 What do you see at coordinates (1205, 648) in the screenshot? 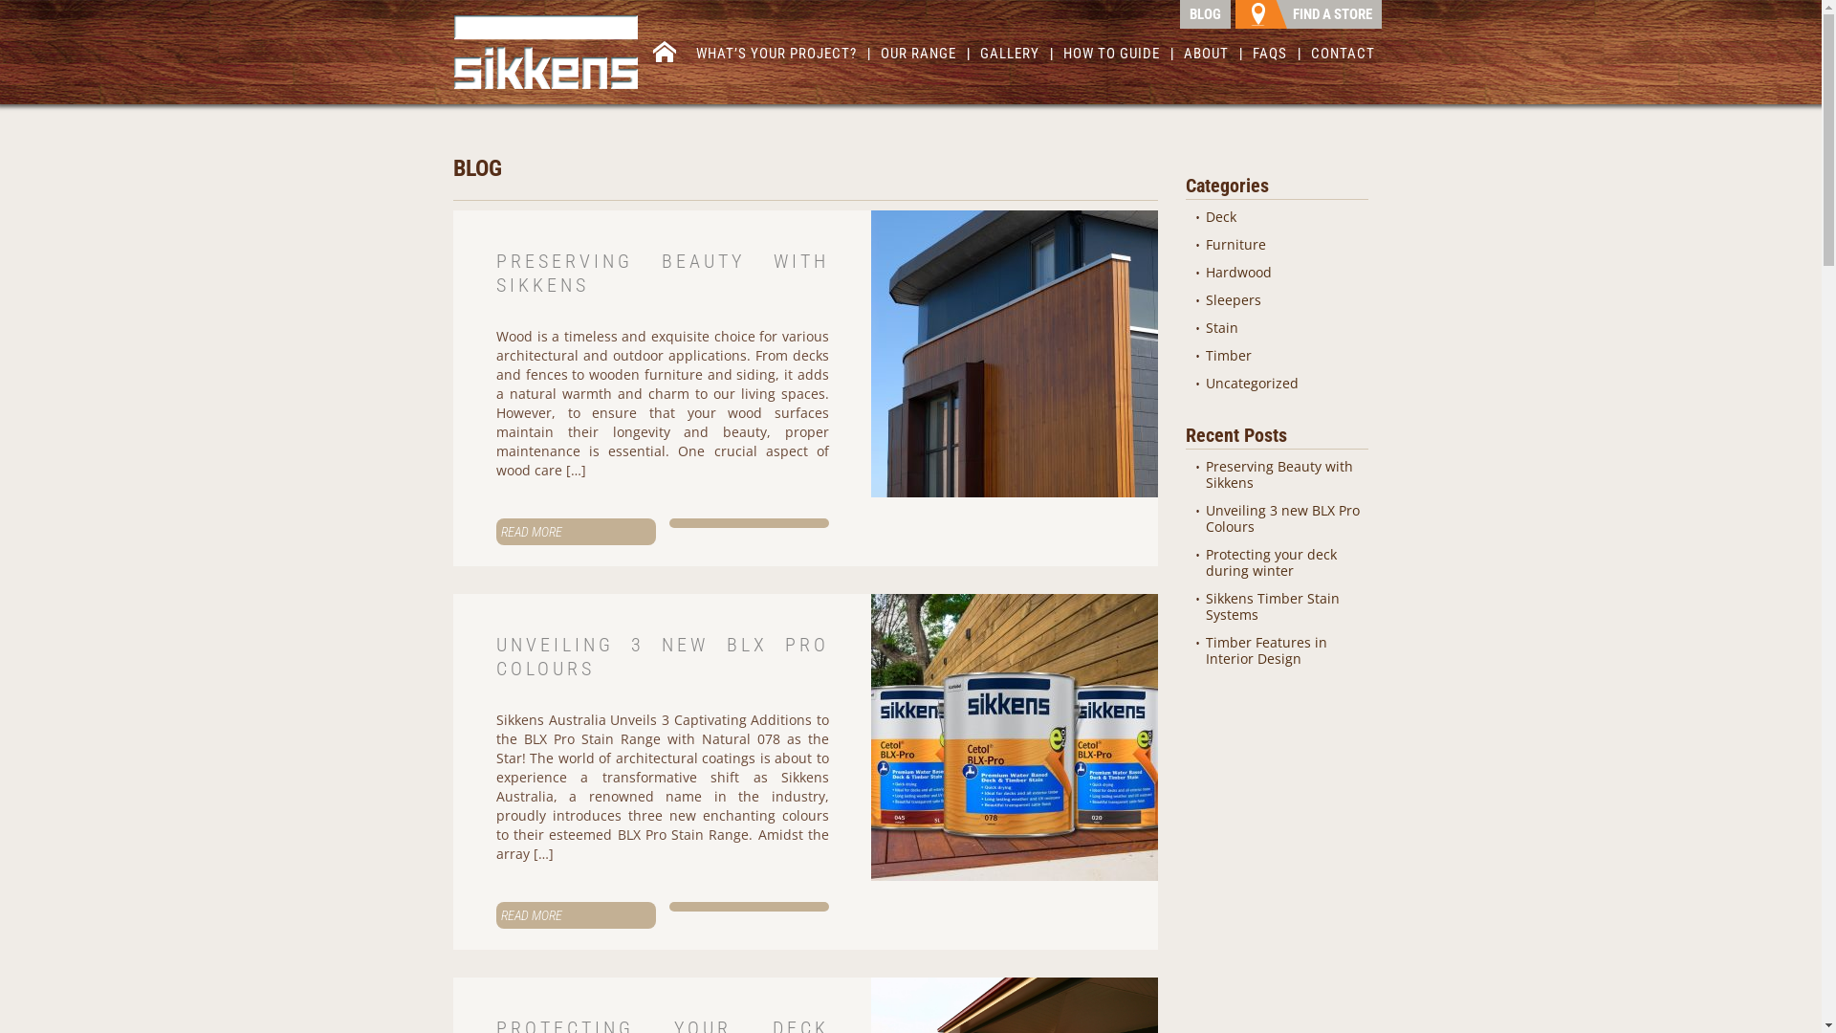
I see `'Timber Features in Interior Design'` at bounding box center [1205, 648].